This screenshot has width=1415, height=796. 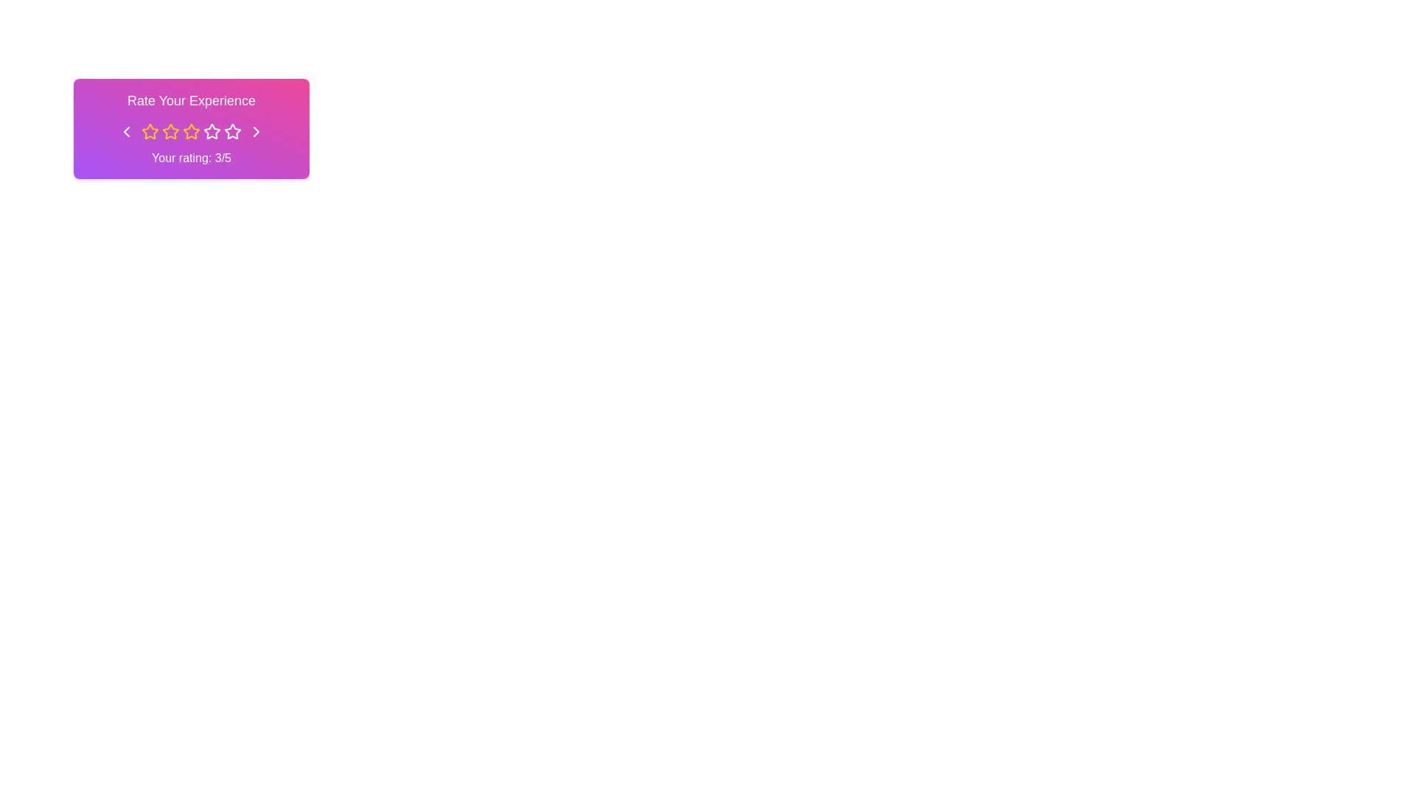 I want to click on the third star in a group of five horizontally aligned stars, so click(x=190, y=130).